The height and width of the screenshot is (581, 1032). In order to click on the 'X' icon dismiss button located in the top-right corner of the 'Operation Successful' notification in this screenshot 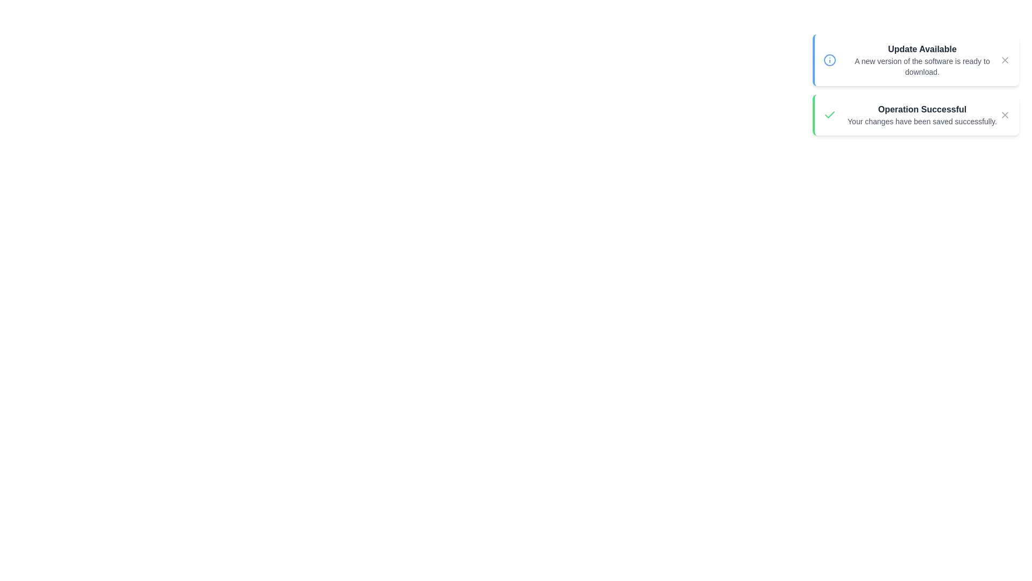, I will do `click(1005, 115)`.